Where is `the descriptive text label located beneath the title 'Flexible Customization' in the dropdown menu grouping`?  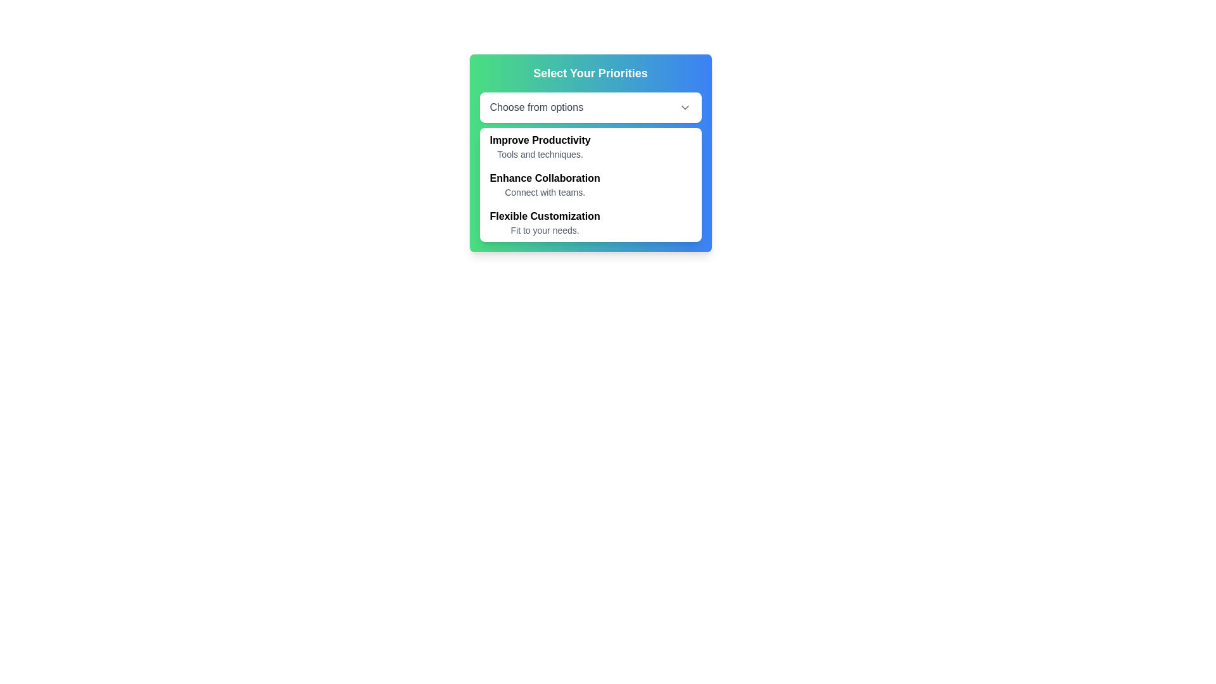 the descriptive text label located beneath the title 'Flexible Customization' in the dropdown menu grouping is located at coordinates (545, 230).